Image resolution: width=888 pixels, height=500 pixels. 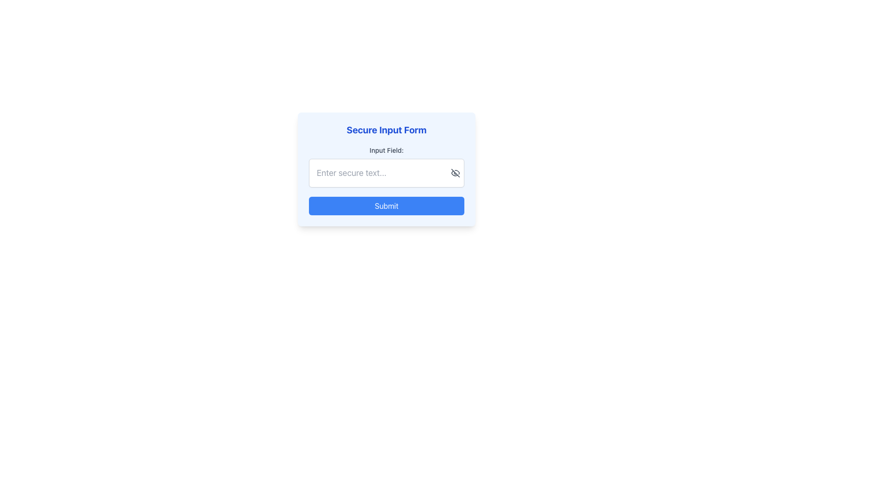 What do you see at coordinates (386, 205) in the screenshot?
I see `the blue 'Submit' button with rounded corners located below the 'Enter secure text...' input field in the 'Secure Input Form' to change its color` at bounding box center [386, 205].